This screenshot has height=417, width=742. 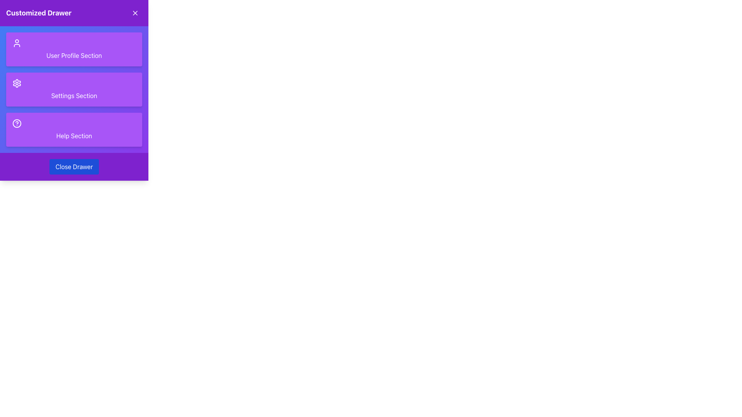 I want to click on the close button located at the bottom of the 'Customized Drawer' to observe its hover state, so click(x=74, y=166).